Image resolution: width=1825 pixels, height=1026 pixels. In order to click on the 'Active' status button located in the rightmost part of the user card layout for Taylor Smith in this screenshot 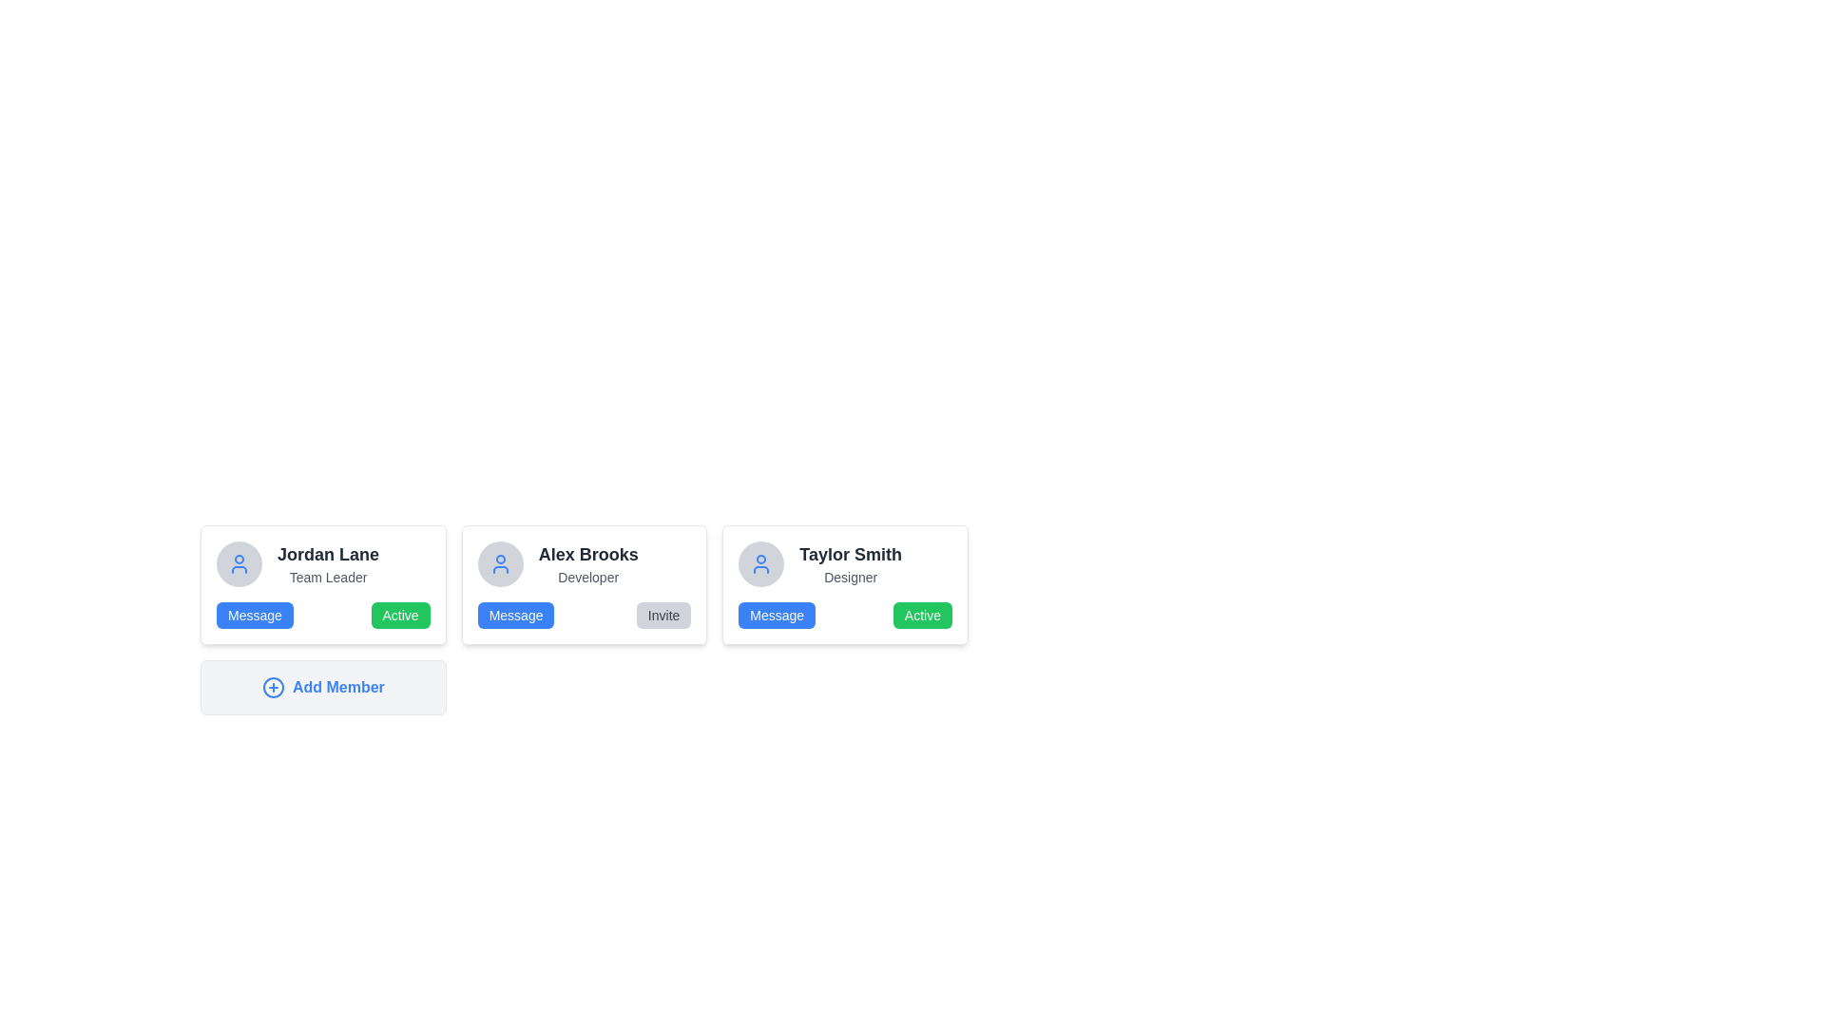, I will do `click(922, 616)`.